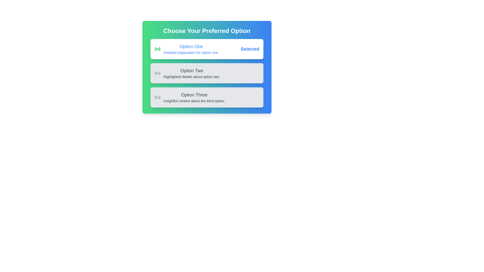 The image size is (484, 272). I want to click on the third radio button option in the list titled 'Choose Your Preferred Option', so click(189, 97).